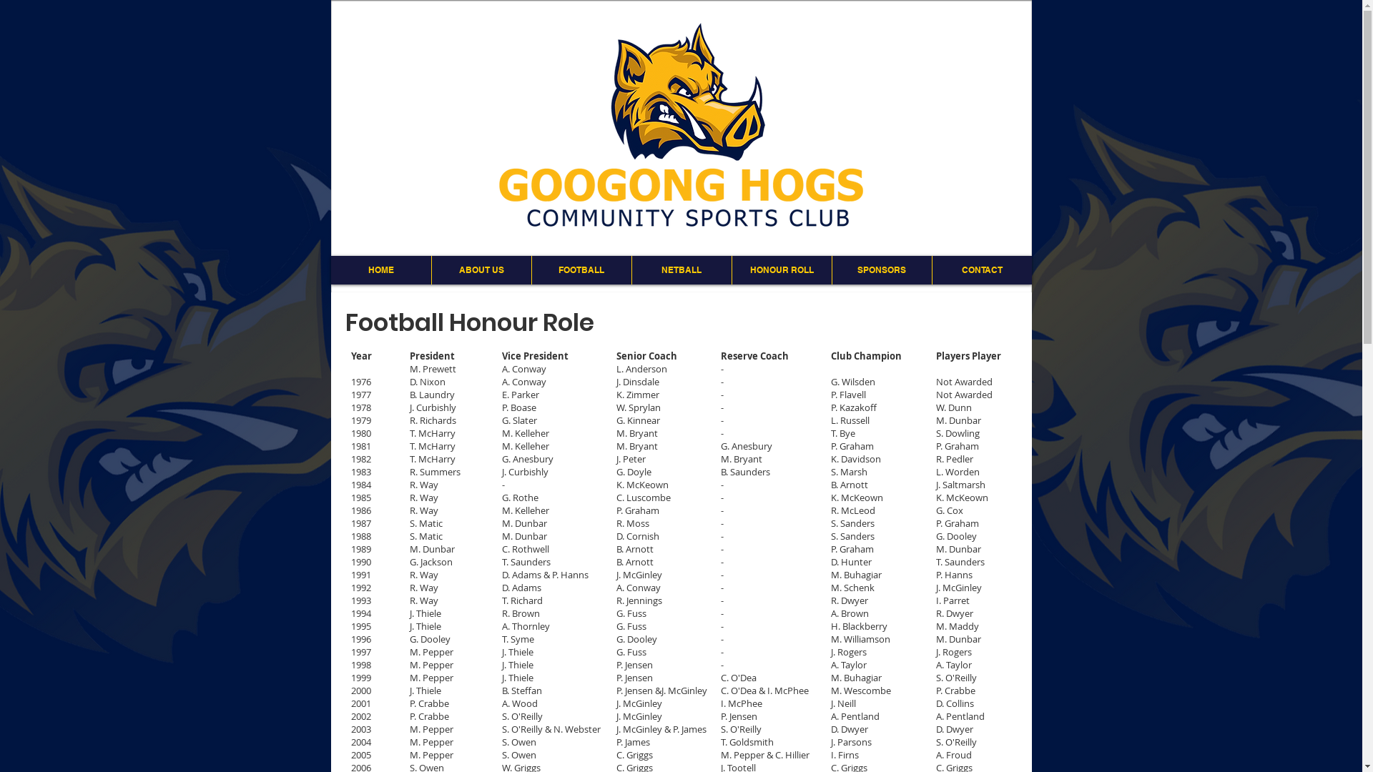 This screenshot has width=1373, height=772. I want to click on 'FOOTBALL', so click(530, 270).